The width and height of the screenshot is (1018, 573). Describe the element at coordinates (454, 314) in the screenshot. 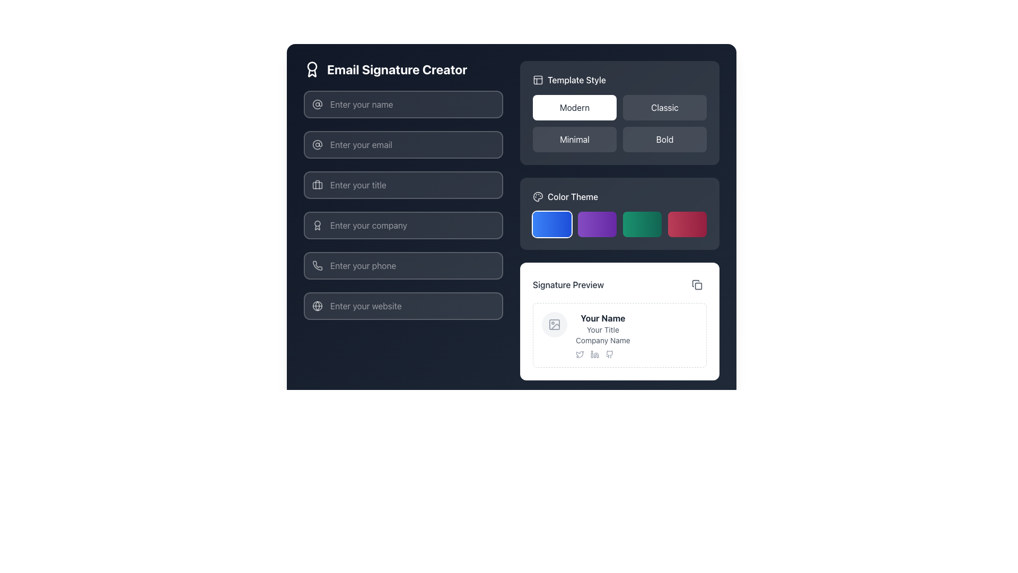

I see `additional details about the warning by clicking on the warning icon located to the right of the 'Enter your website' input field` at that location.